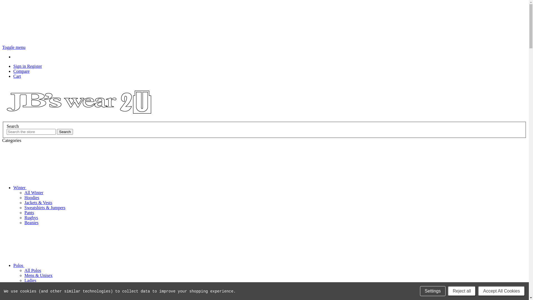  What do you see at coordinates (14, 47) in the screenshot?
I see `'Toggle menu'` at bounding box center [14, 47].